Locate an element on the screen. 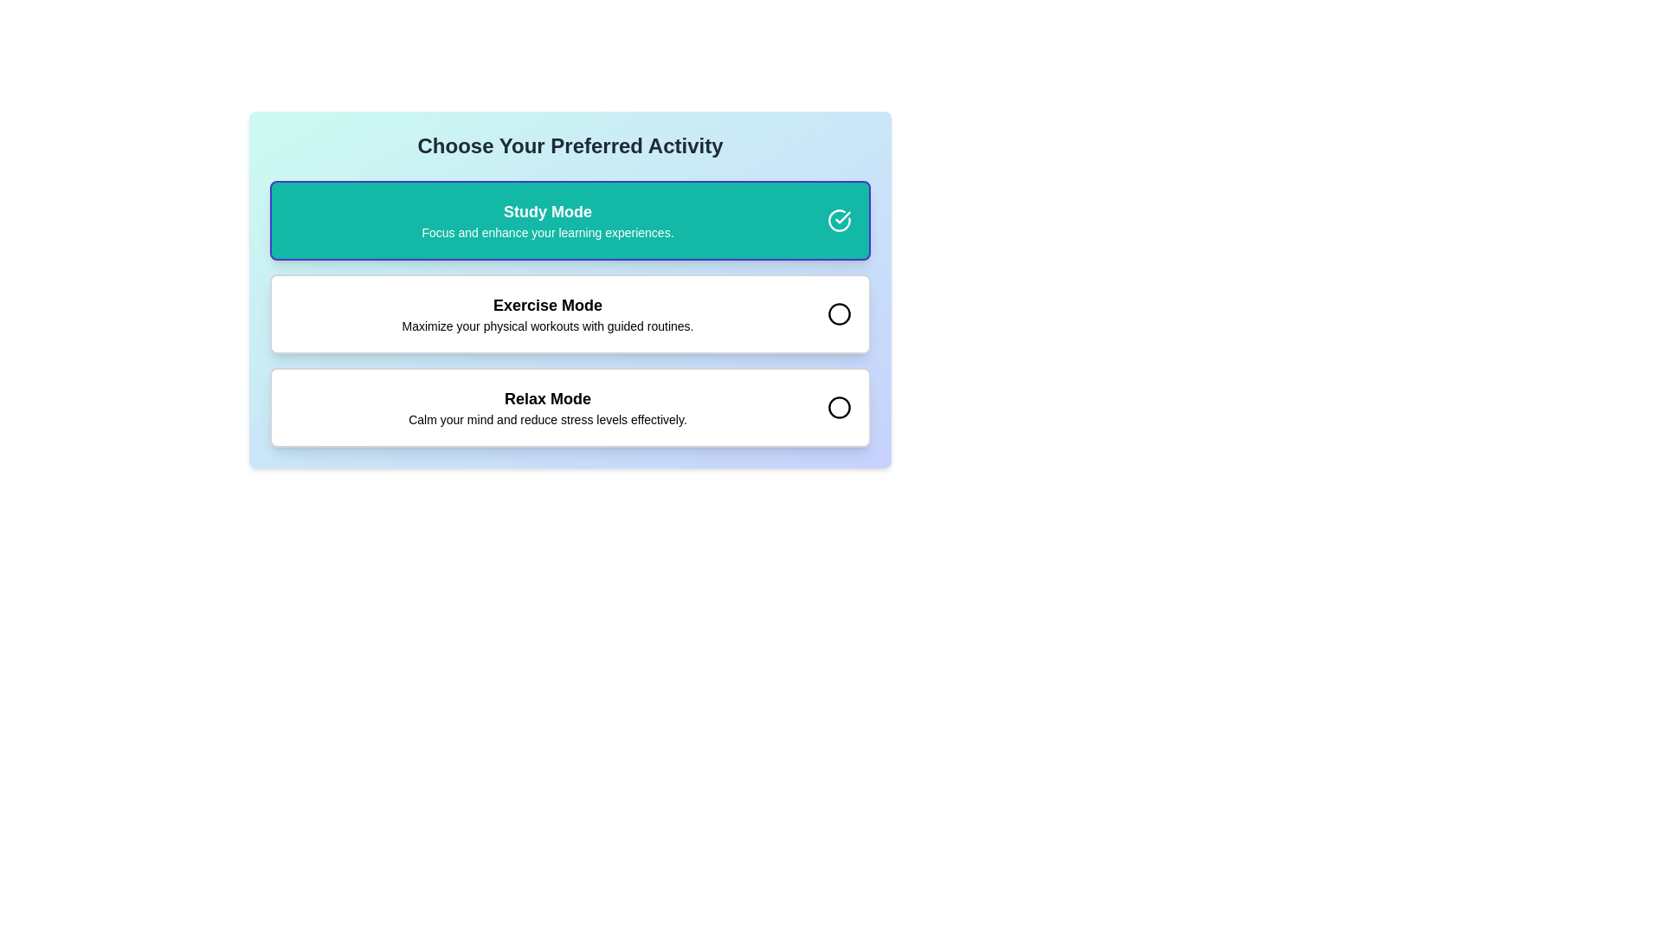  the 'Relax Mode' icon, which is a circular outline element located under the 'Relax Mode' section is located at coordinates (839, 407).